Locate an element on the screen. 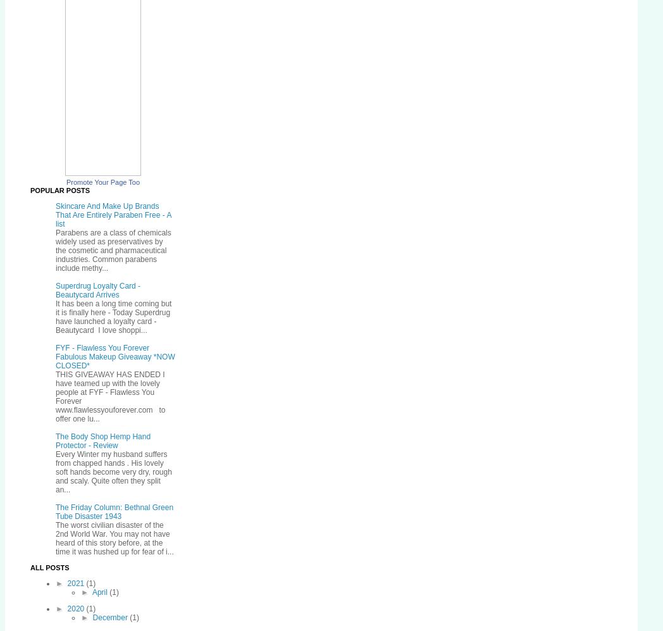  '2020' is located at coordinates (76, 608).